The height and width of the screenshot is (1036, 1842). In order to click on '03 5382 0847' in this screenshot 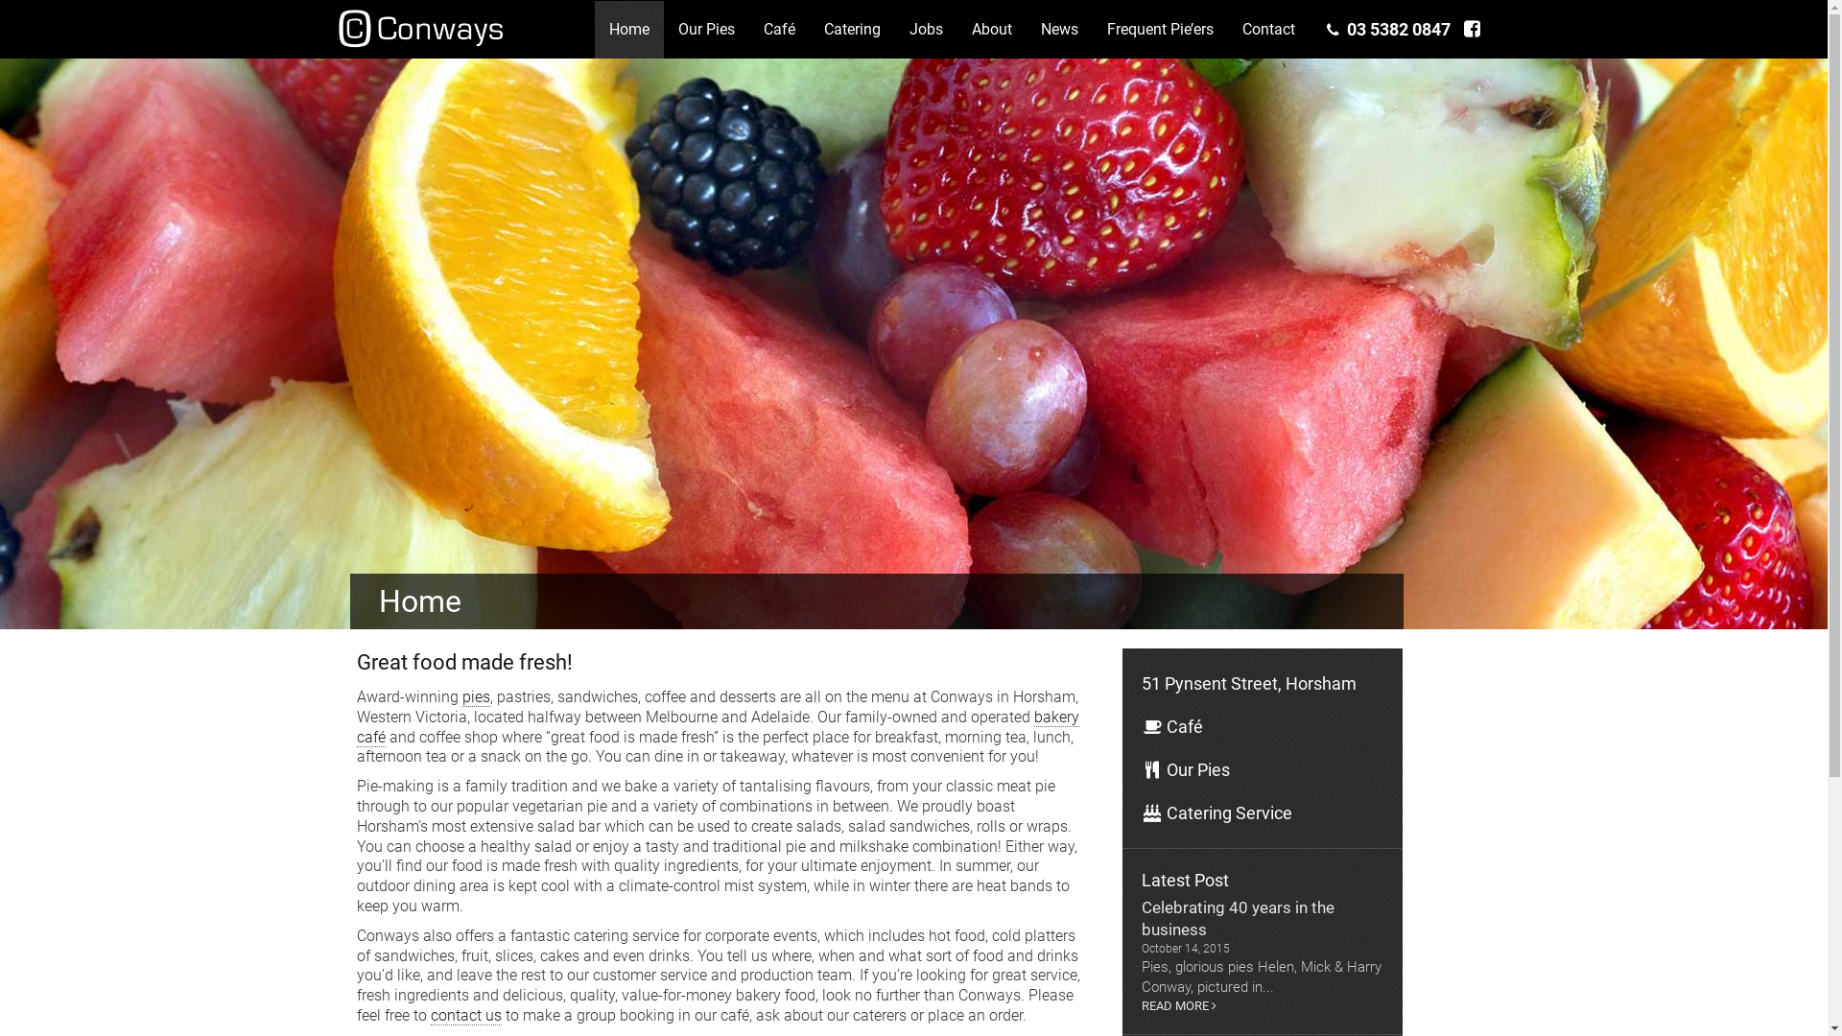, I will do `click(1387, 29)`.